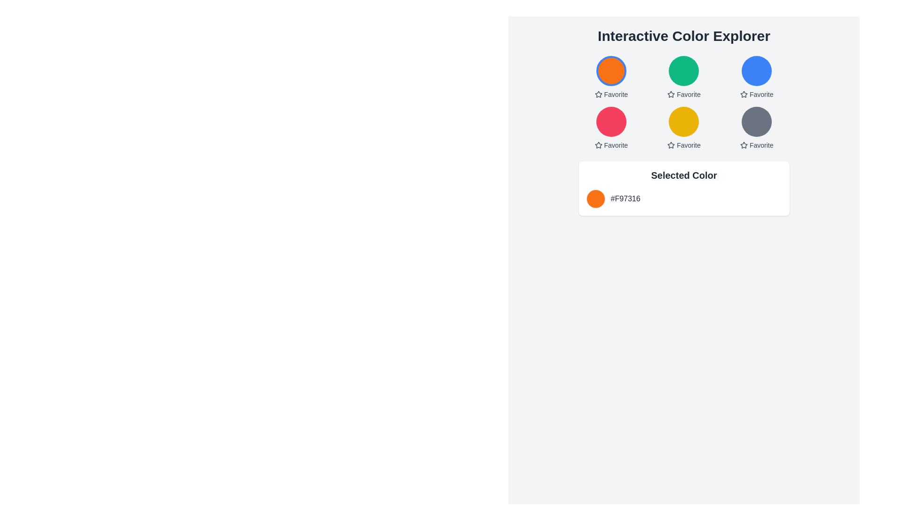 This screenshot has height=508, width=903. What do you see at coordinates (671, 145) in the screenshot?
I see `the star icon located below the yellow color circle in the second row of the color selector grid` at bounding box center [671, 145].